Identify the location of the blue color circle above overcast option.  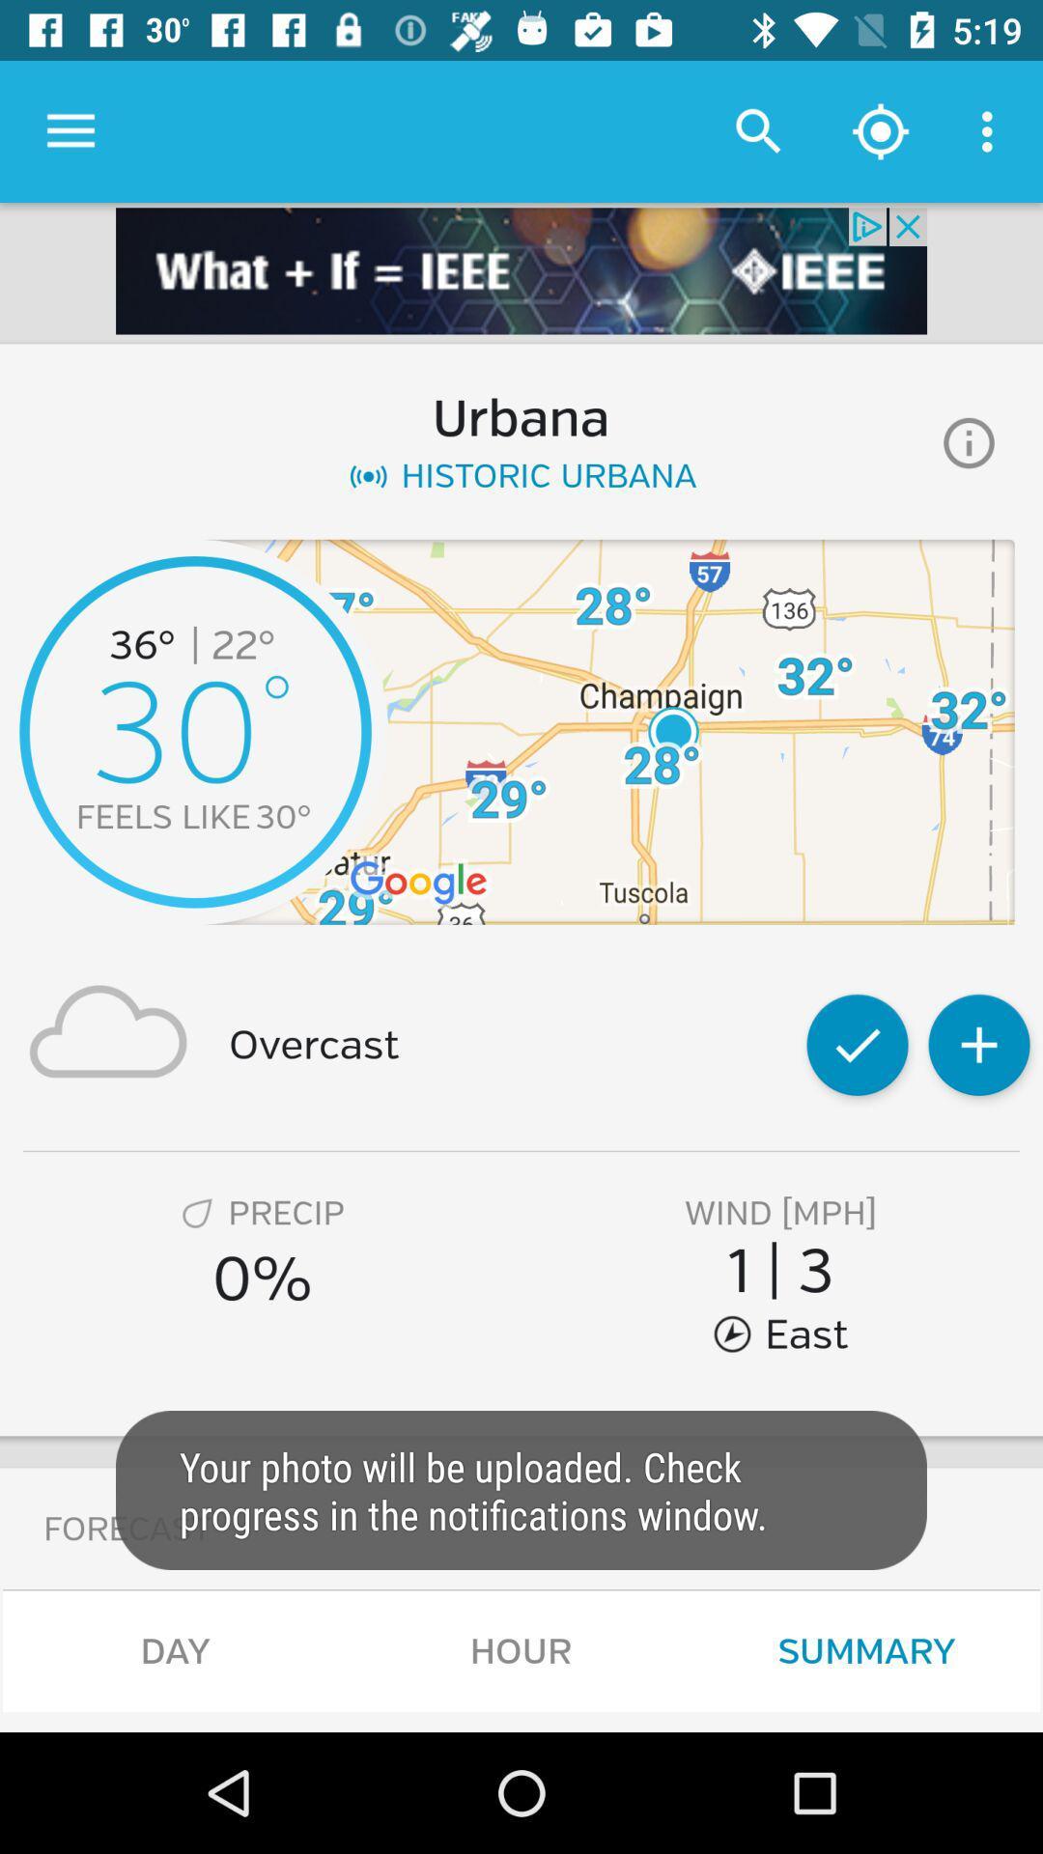
(195, 731).